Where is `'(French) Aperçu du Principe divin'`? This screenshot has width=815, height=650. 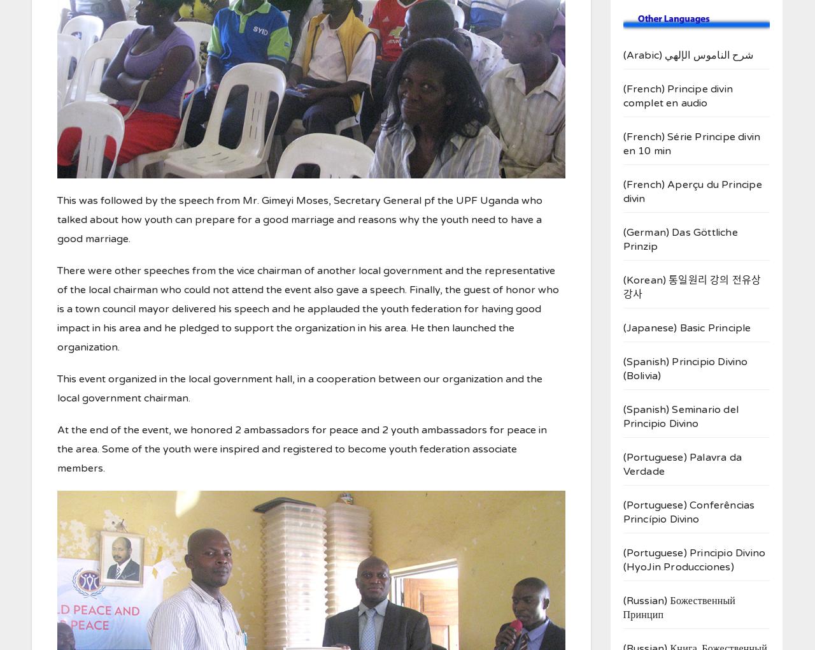
'(French) Aperçu du Principe divin' is located at coordinates (691, 192).